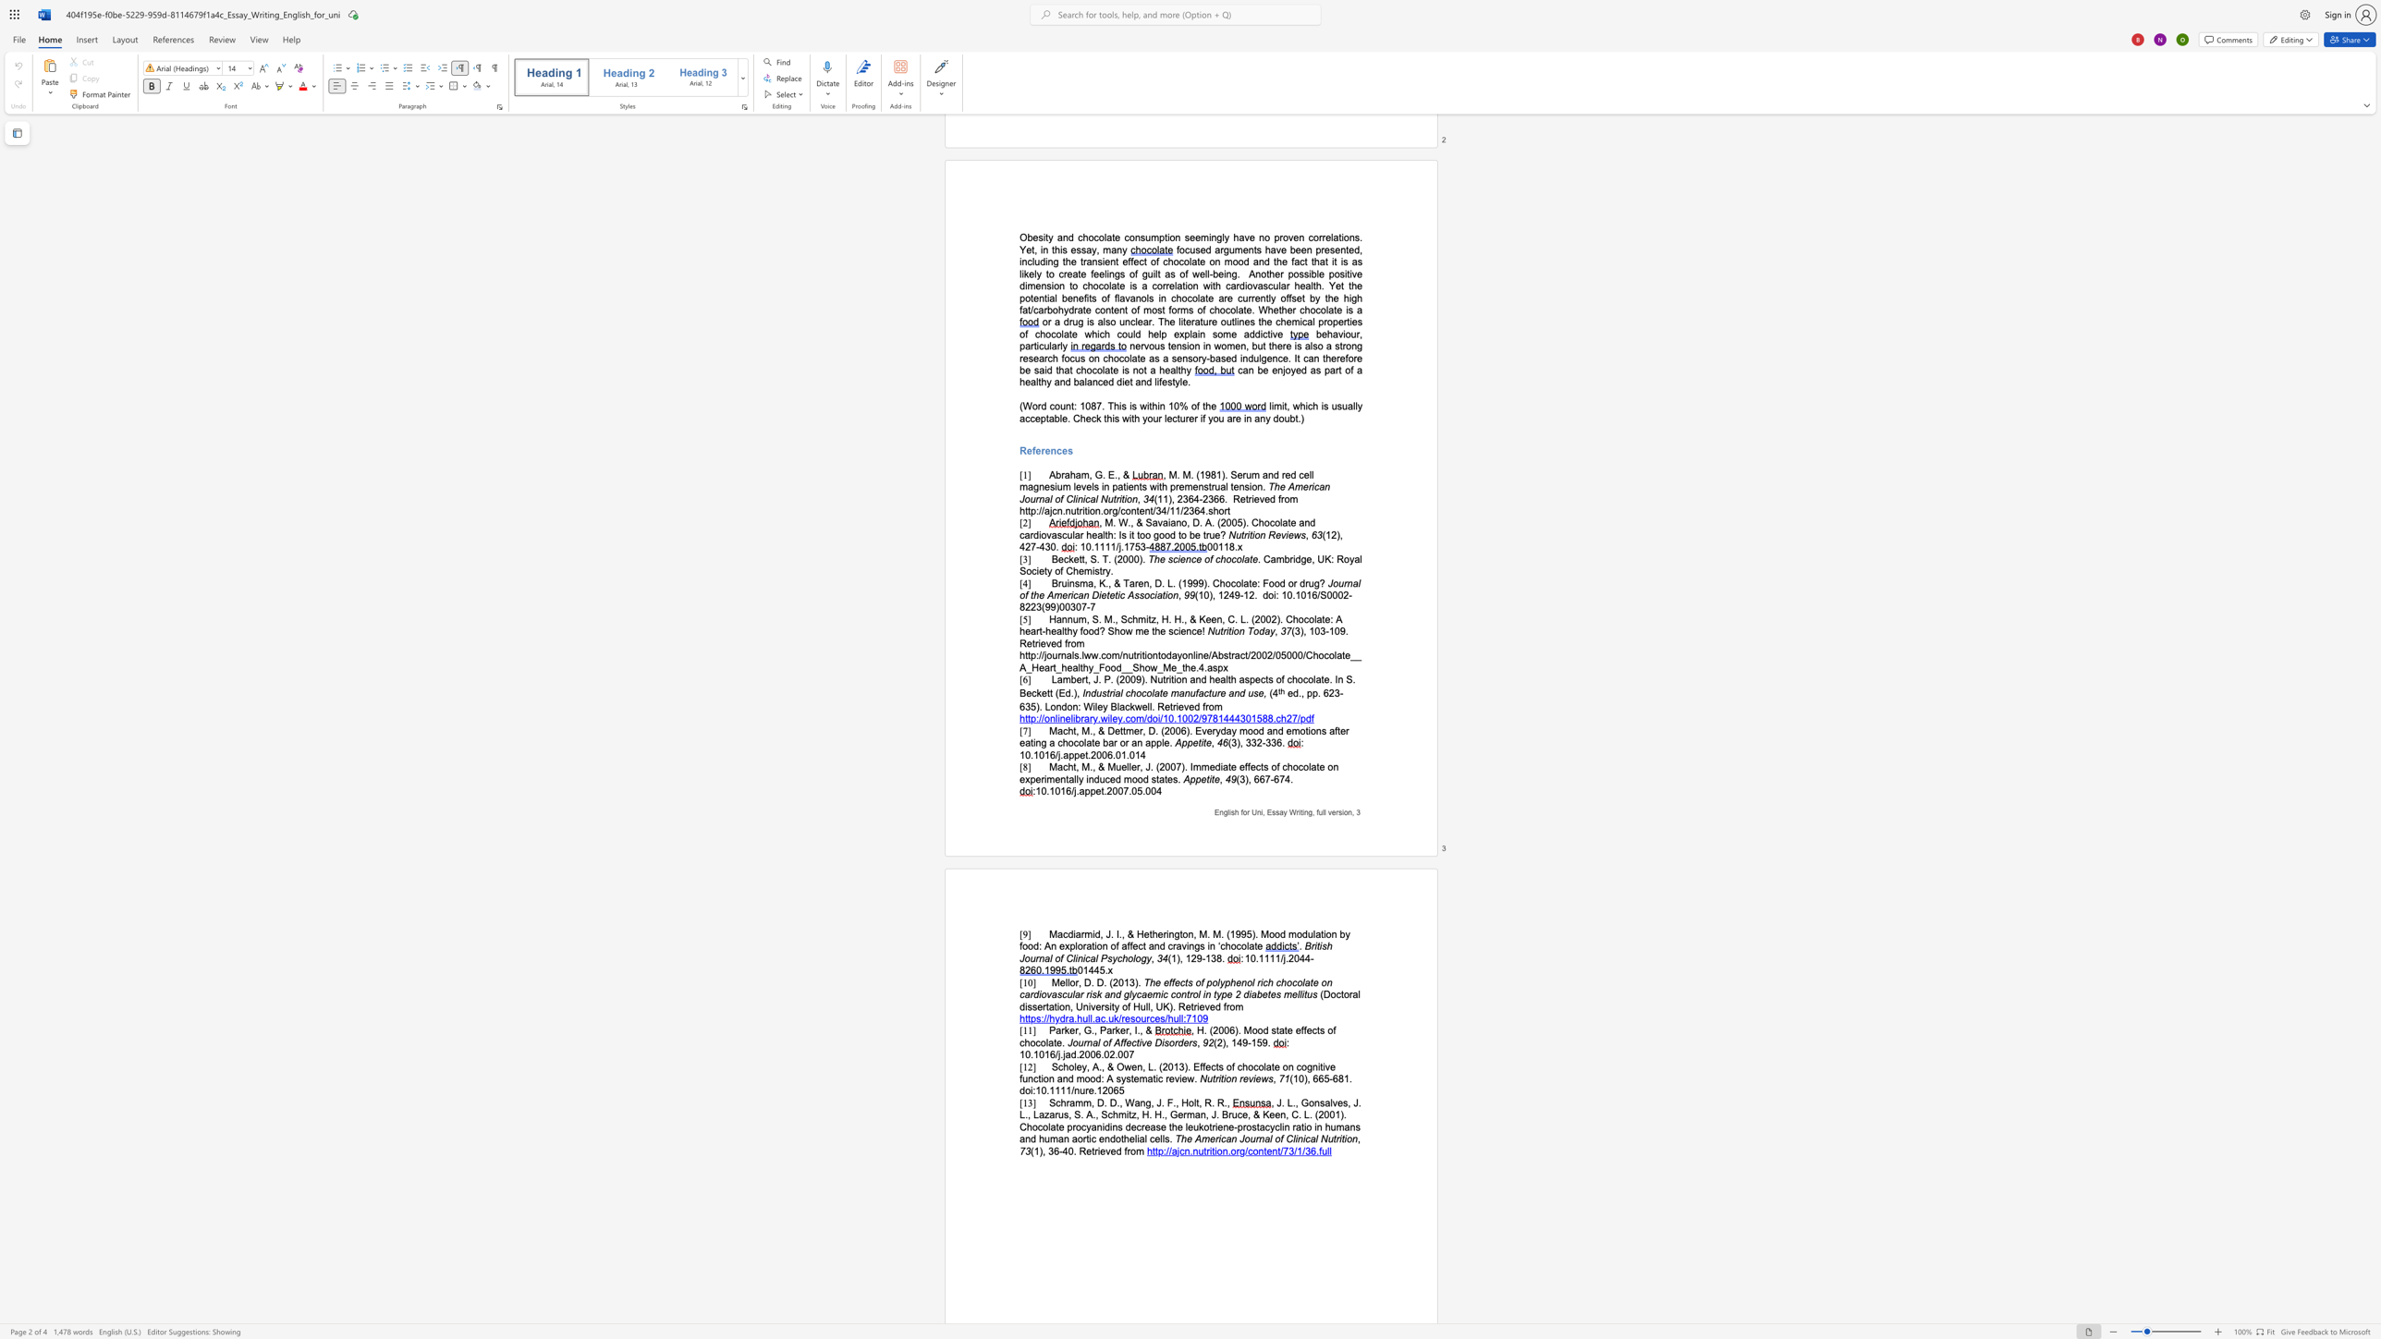  Describe the element at coordinates (1033, 1150) in the screenshot. I see `the subset text "1), 36-40." within the text "(1), 36-40. Retrieved from"` at that location.